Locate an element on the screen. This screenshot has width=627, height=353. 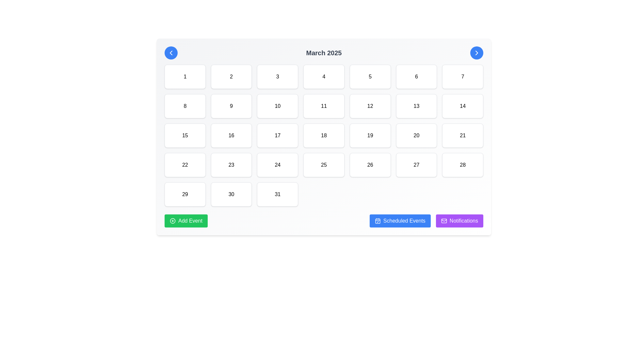
the 'Add Event' button located at the bottom-left corner of the interface to change its shade is located at coordinates (185, 221).